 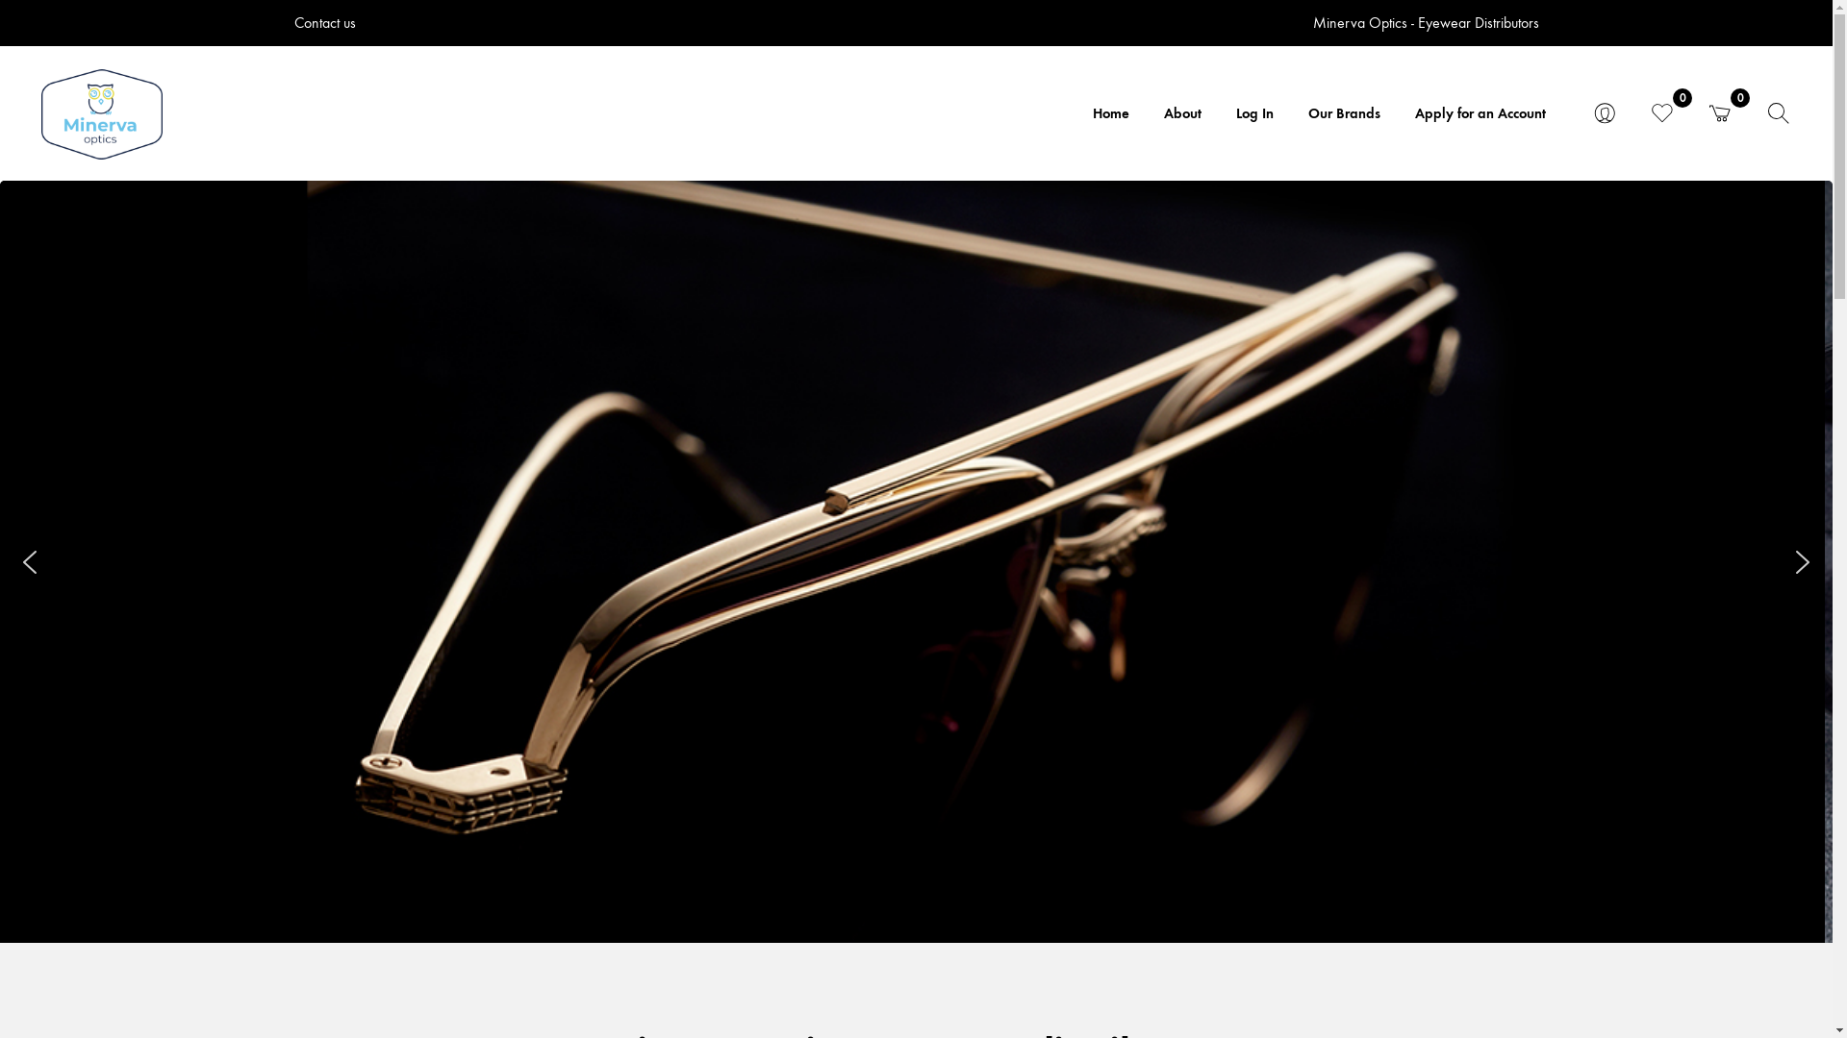 I want to click on 'Contact us', so click(x=324, y=22).